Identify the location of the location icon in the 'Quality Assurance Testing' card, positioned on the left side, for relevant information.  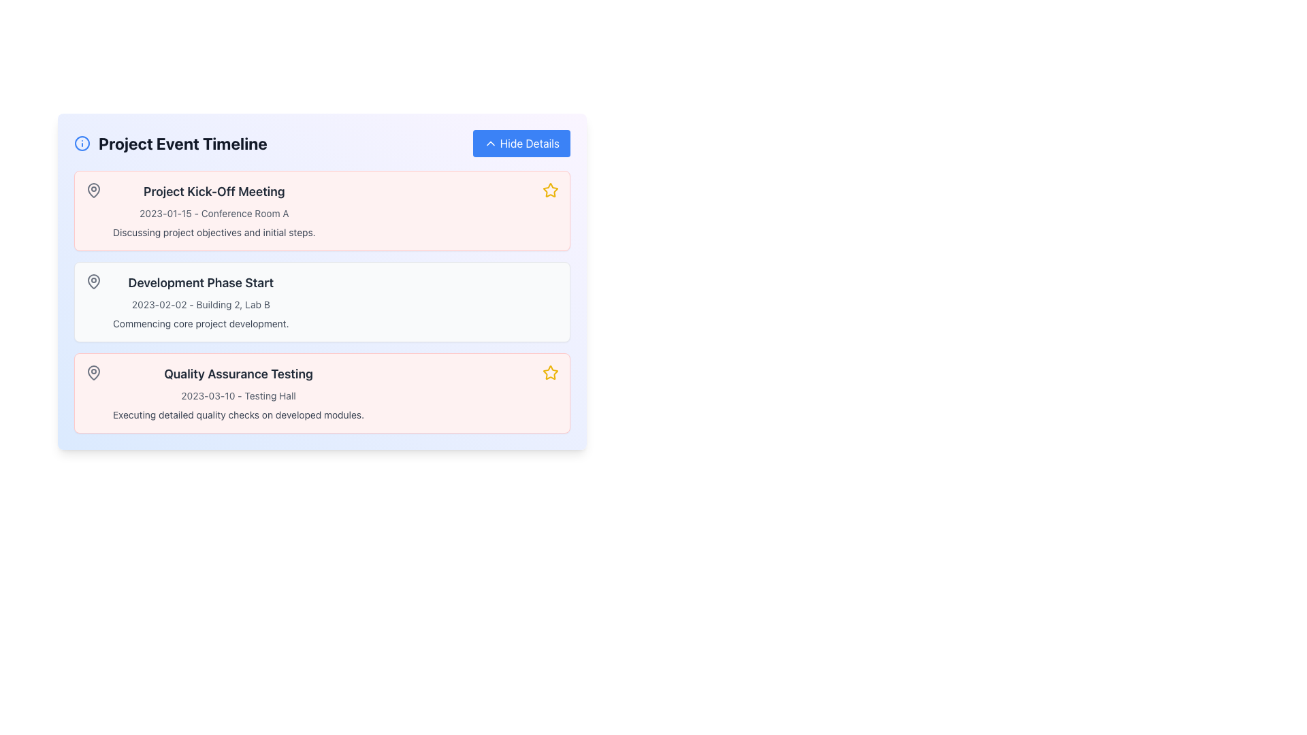
(93, 372).